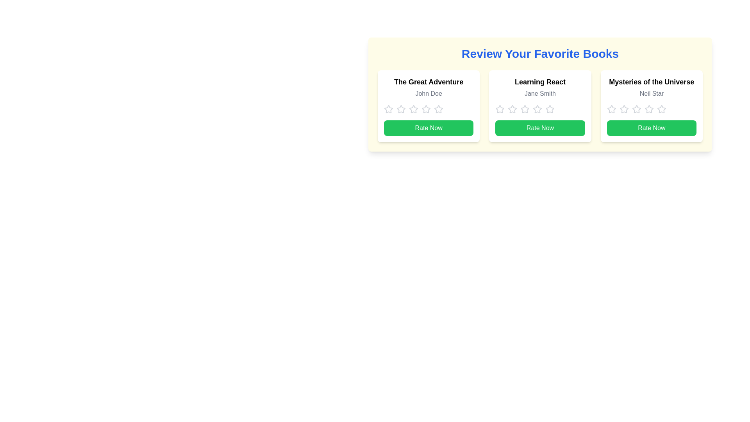  Describe the element at coordinates (401, 109) in the screenshot. I see `the first gray outlined rating star icon for the book 'The Great Adventure'` at that location.